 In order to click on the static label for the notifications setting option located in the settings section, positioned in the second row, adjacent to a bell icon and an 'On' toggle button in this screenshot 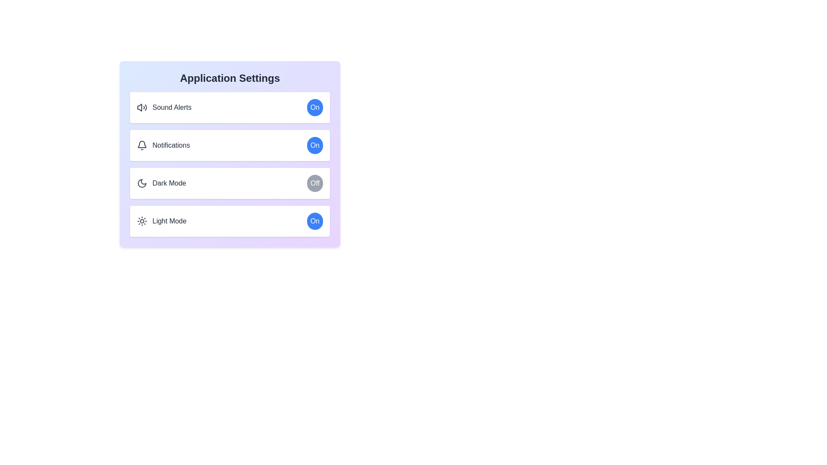, I will do `click(171, 145)`.